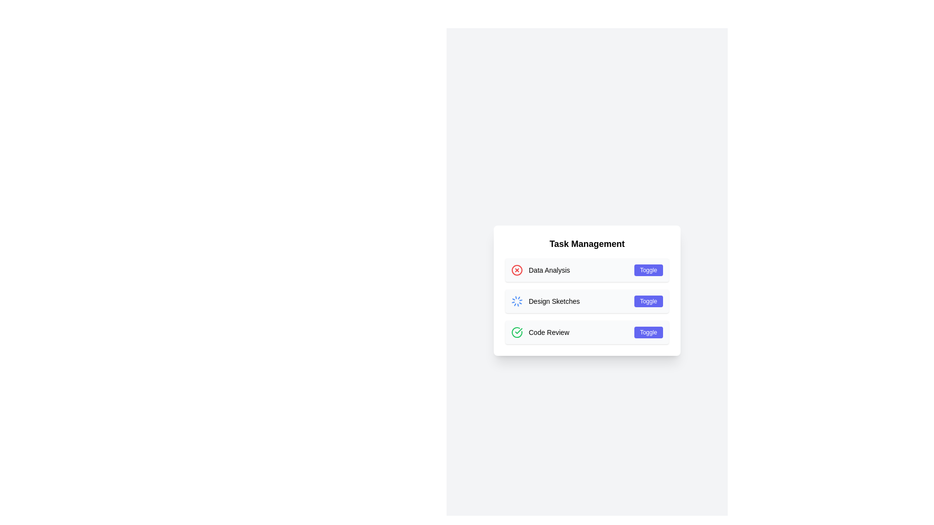 Image resolution: width=934 pixels, height=525 pixels. Describe the element at coordinates (516, 301) in the screenshot. I see `the loading icon representing the progress state of the 'Design Sketches' task, located to the left of the text label within the second list item under 'Task Management'` at that location.